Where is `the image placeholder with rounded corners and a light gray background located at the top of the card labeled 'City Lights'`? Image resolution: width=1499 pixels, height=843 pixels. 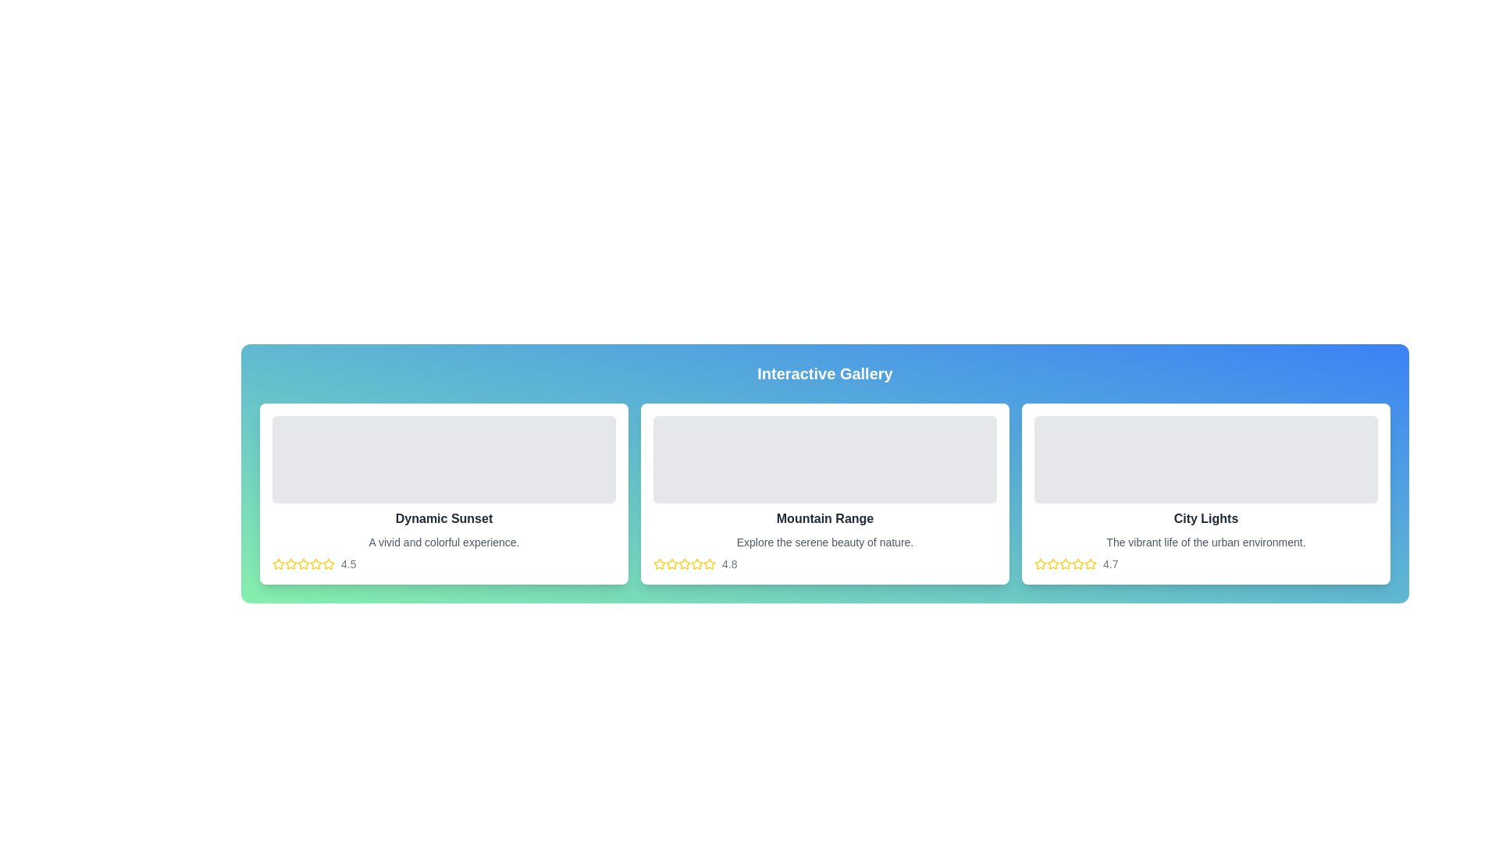
the image placeholder with rounded corners and a light gray background located at the top of the card labeled 'City Lights' is located at coordinates (1205, 459).